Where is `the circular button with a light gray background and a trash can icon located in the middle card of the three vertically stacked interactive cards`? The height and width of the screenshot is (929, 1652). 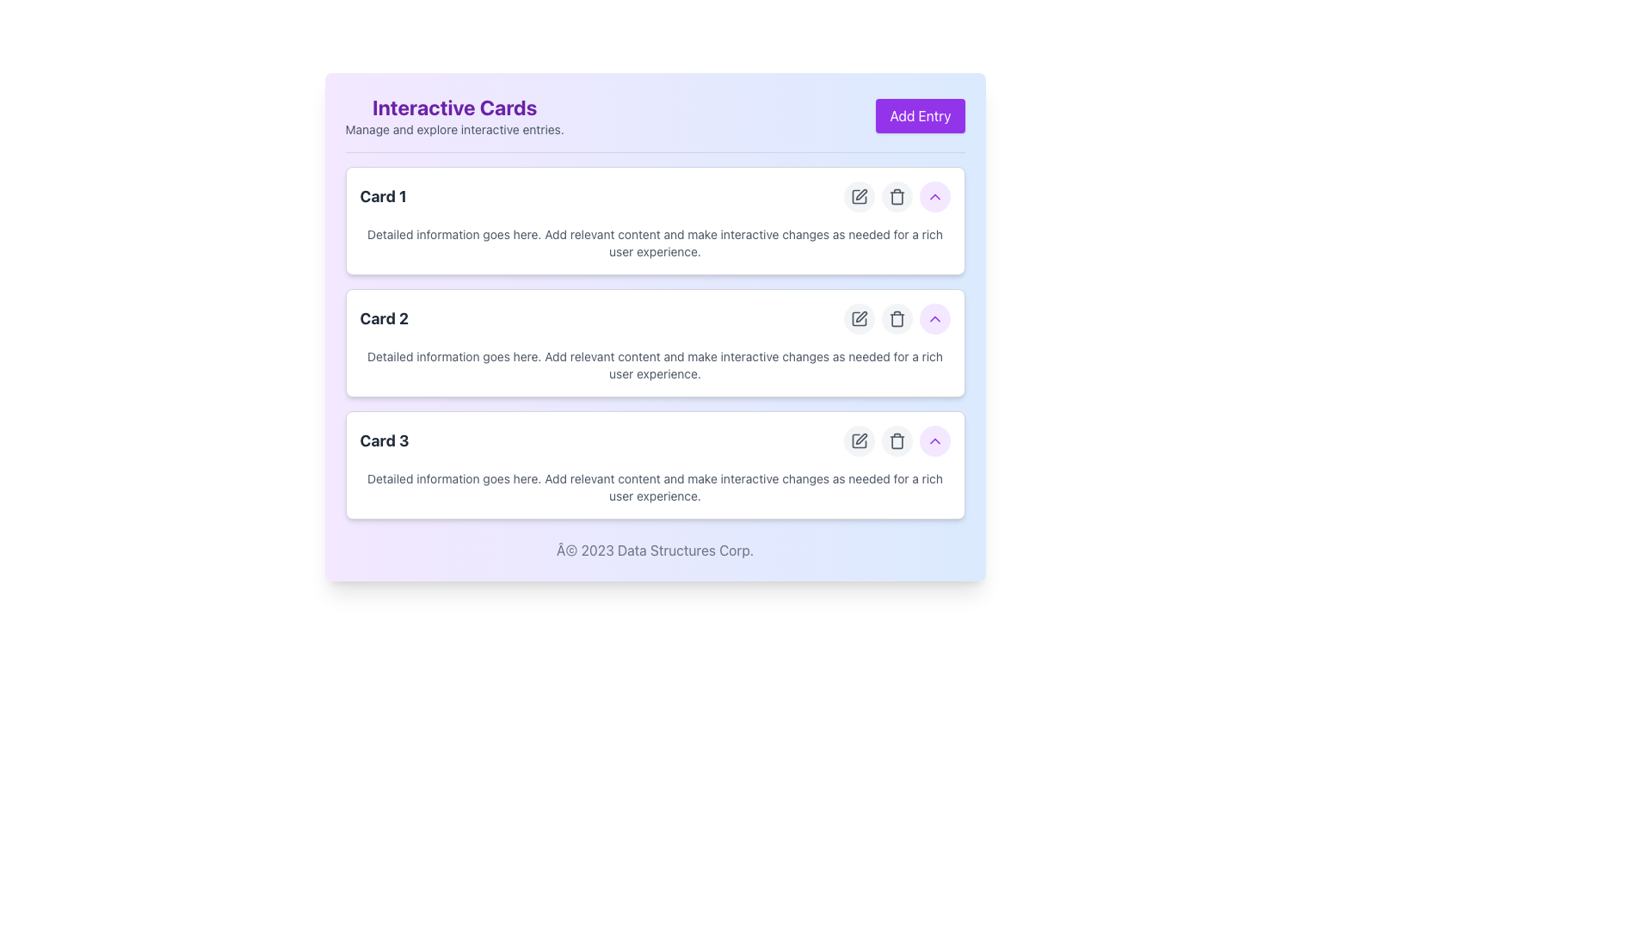
the circular button with a light gray background and a trash can icon located in the middle card of the three vertically stacked interactive cards is located at coordinates (896, 318).